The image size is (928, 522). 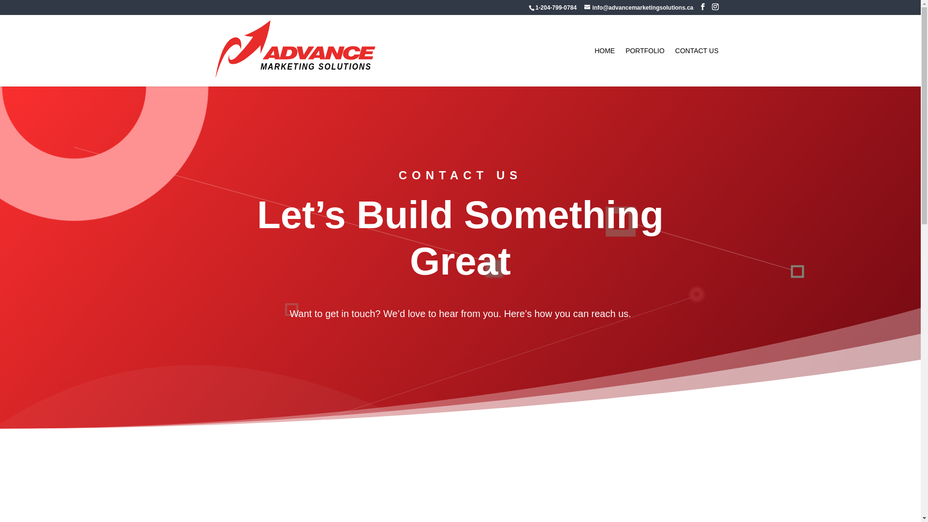 What do you see at coordinates (625, 66) in the screenshot?
I see `'PORTFOLIO'` at bounding box center [625, 66].